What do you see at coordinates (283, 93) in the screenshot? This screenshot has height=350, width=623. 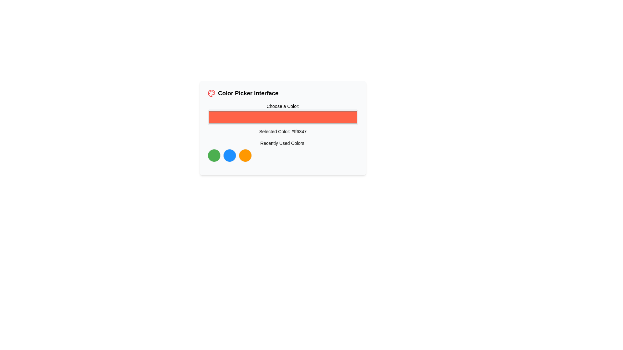 I see `the label that combines a red palette icon and the text 'Color Picker Interface', positioned above the 'Choose a Color:' label` at bounding box center [283, 93].